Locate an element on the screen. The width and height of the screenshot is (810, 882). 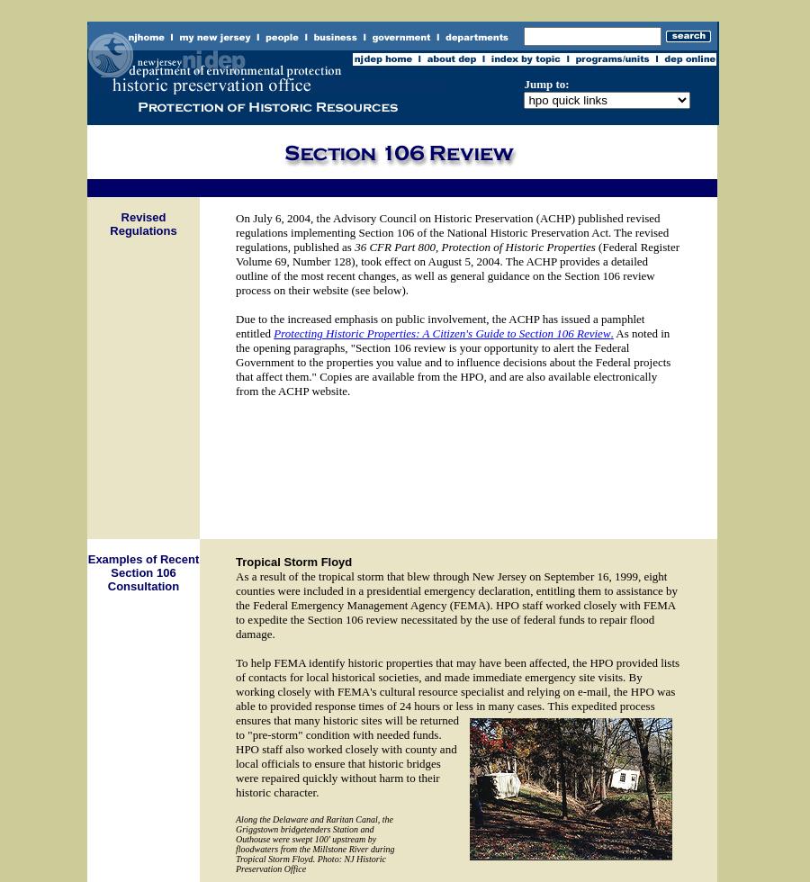
'(Federal Register Volume 69, Number 128), took effect on August 5, 2004. 
      The ACHP provides a detailed outline of the most recent changes, as well 
      as general guidance on the Section 106 review process on their website (see 
      below).' is located at coordinates (455, 268).